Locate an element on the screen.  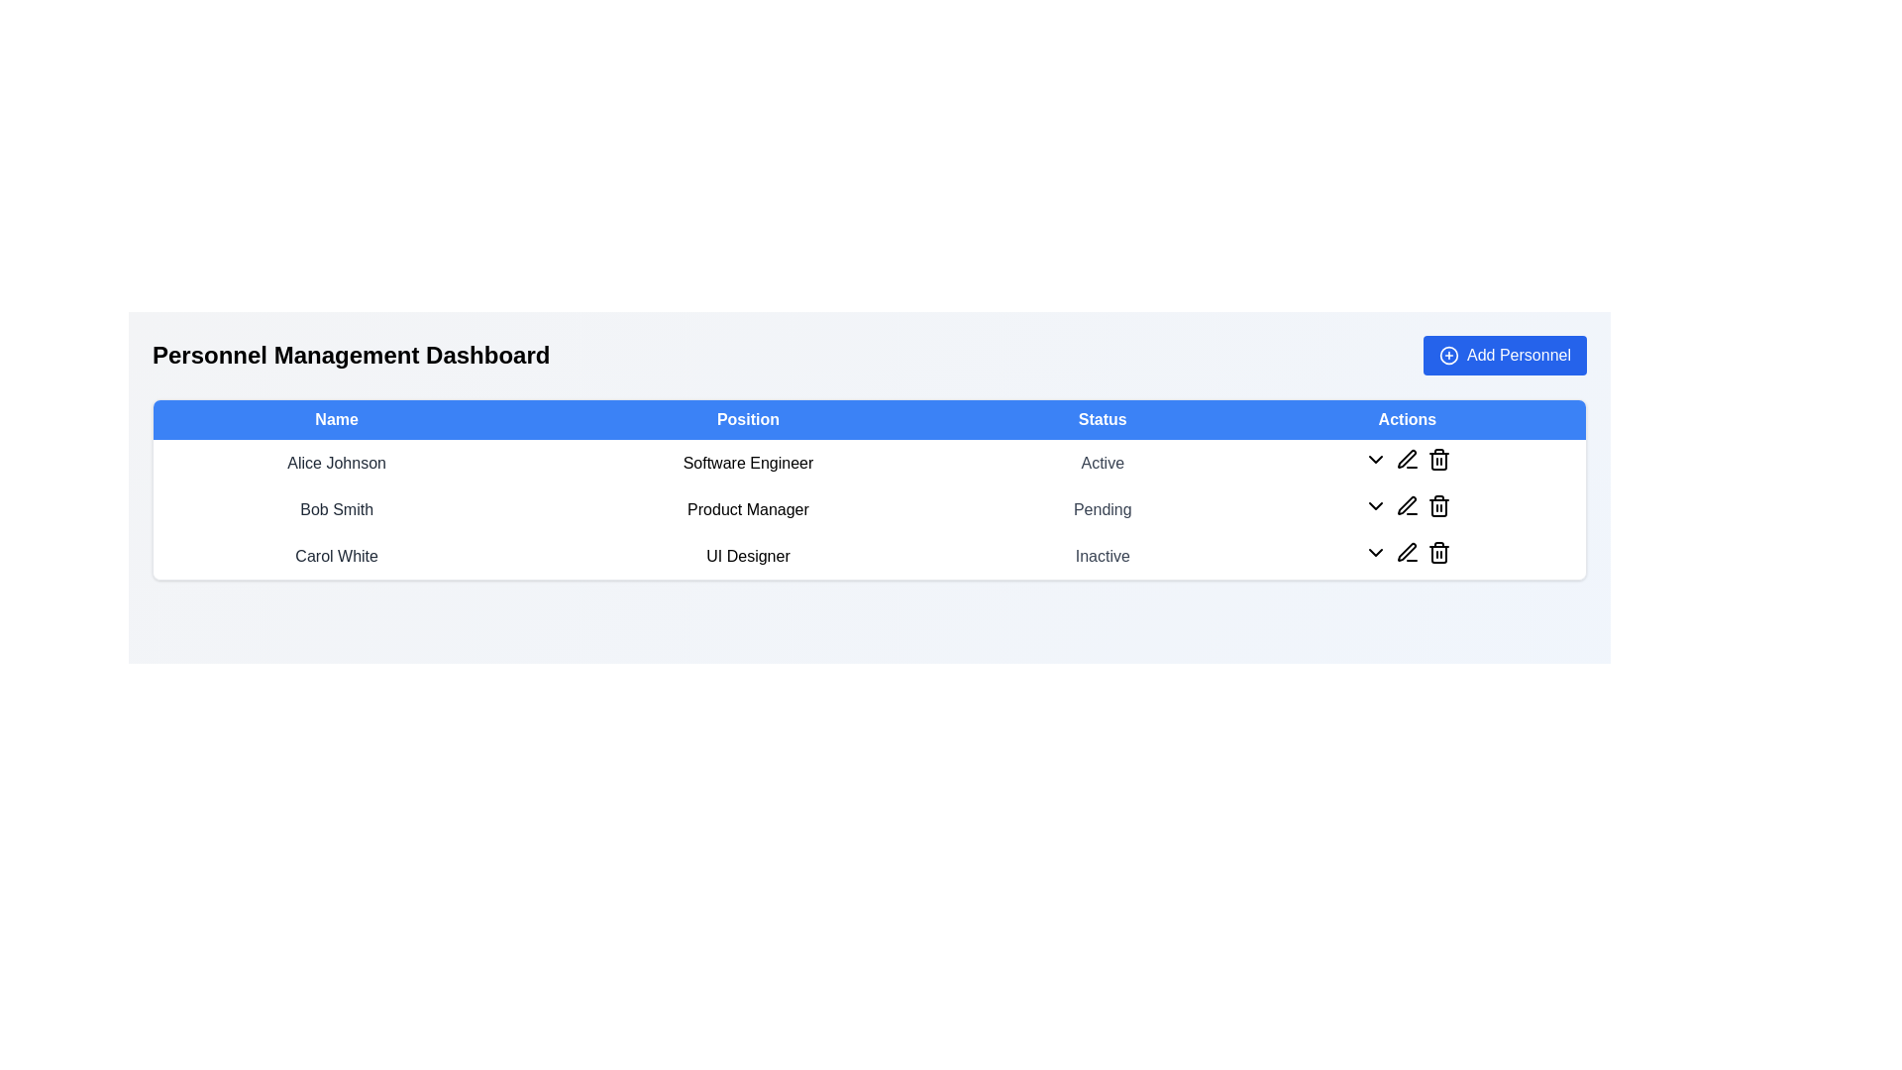
the circular '+' icon located within the 'Add Personnel' button at the top-right of the interface is located at coordinates (1449, 354).